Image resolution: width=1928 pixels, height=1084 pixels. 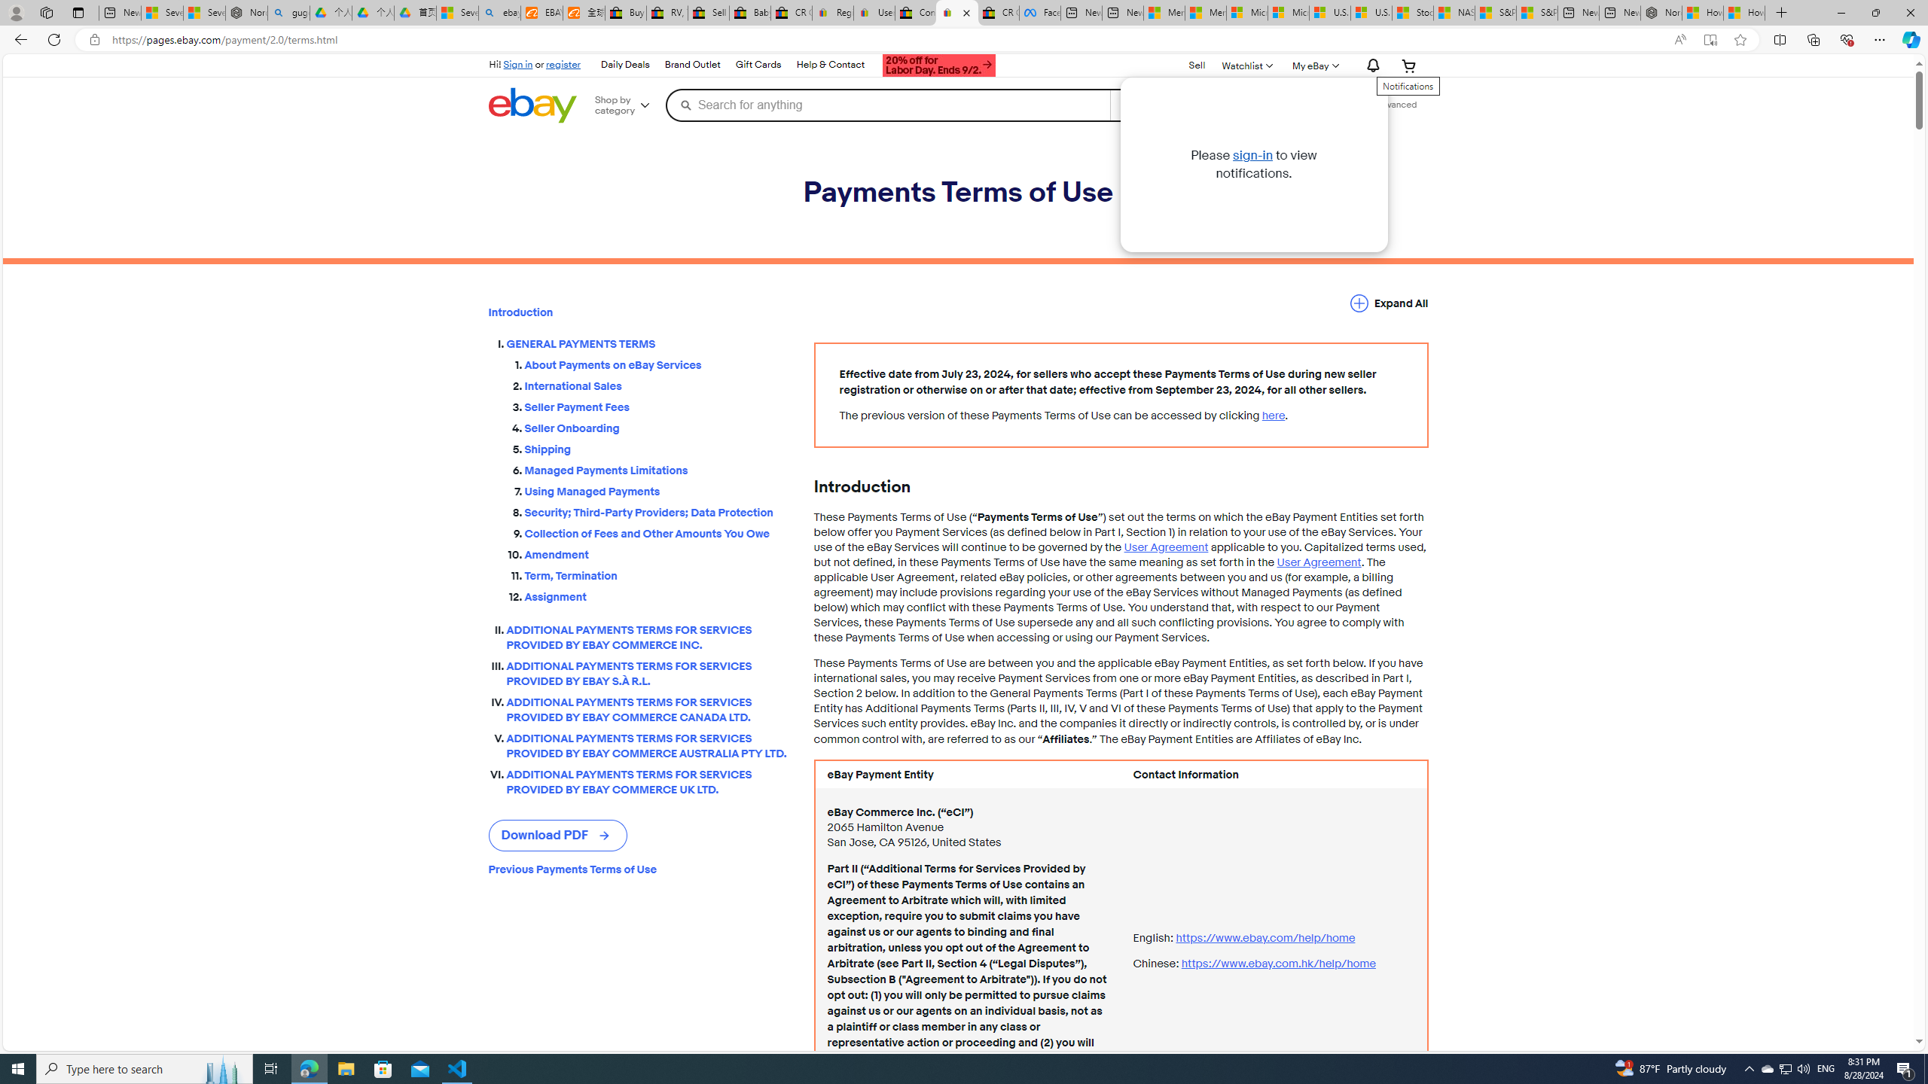 What do you see at coordinates (657, 550) in the screenshot?
I see `'Amendment'` at bounding box center [657, 550].